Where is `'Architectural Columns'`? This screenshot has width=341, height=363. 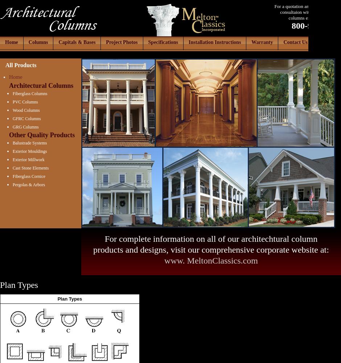
'Architectural Columns' is located at coordinates (9, 85).